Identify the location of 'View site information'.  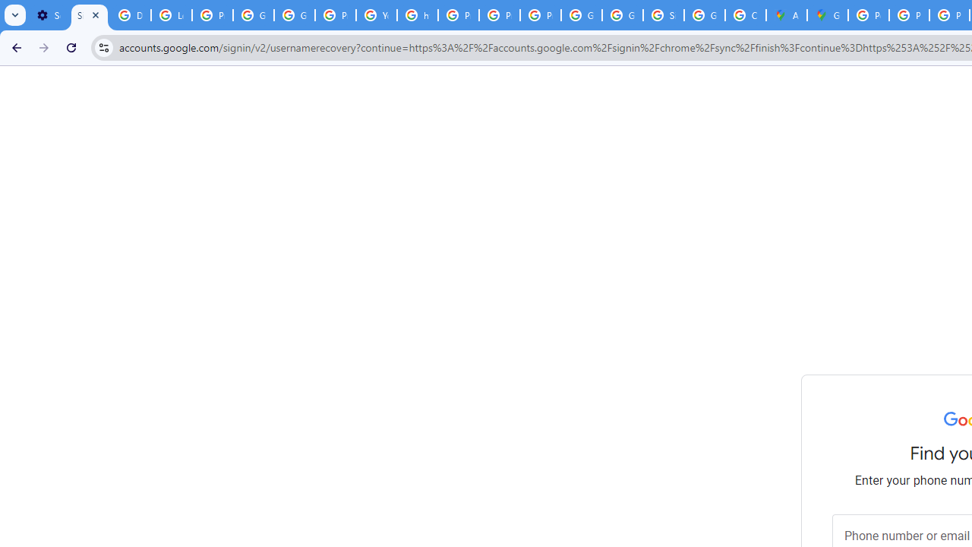
(103, 46).